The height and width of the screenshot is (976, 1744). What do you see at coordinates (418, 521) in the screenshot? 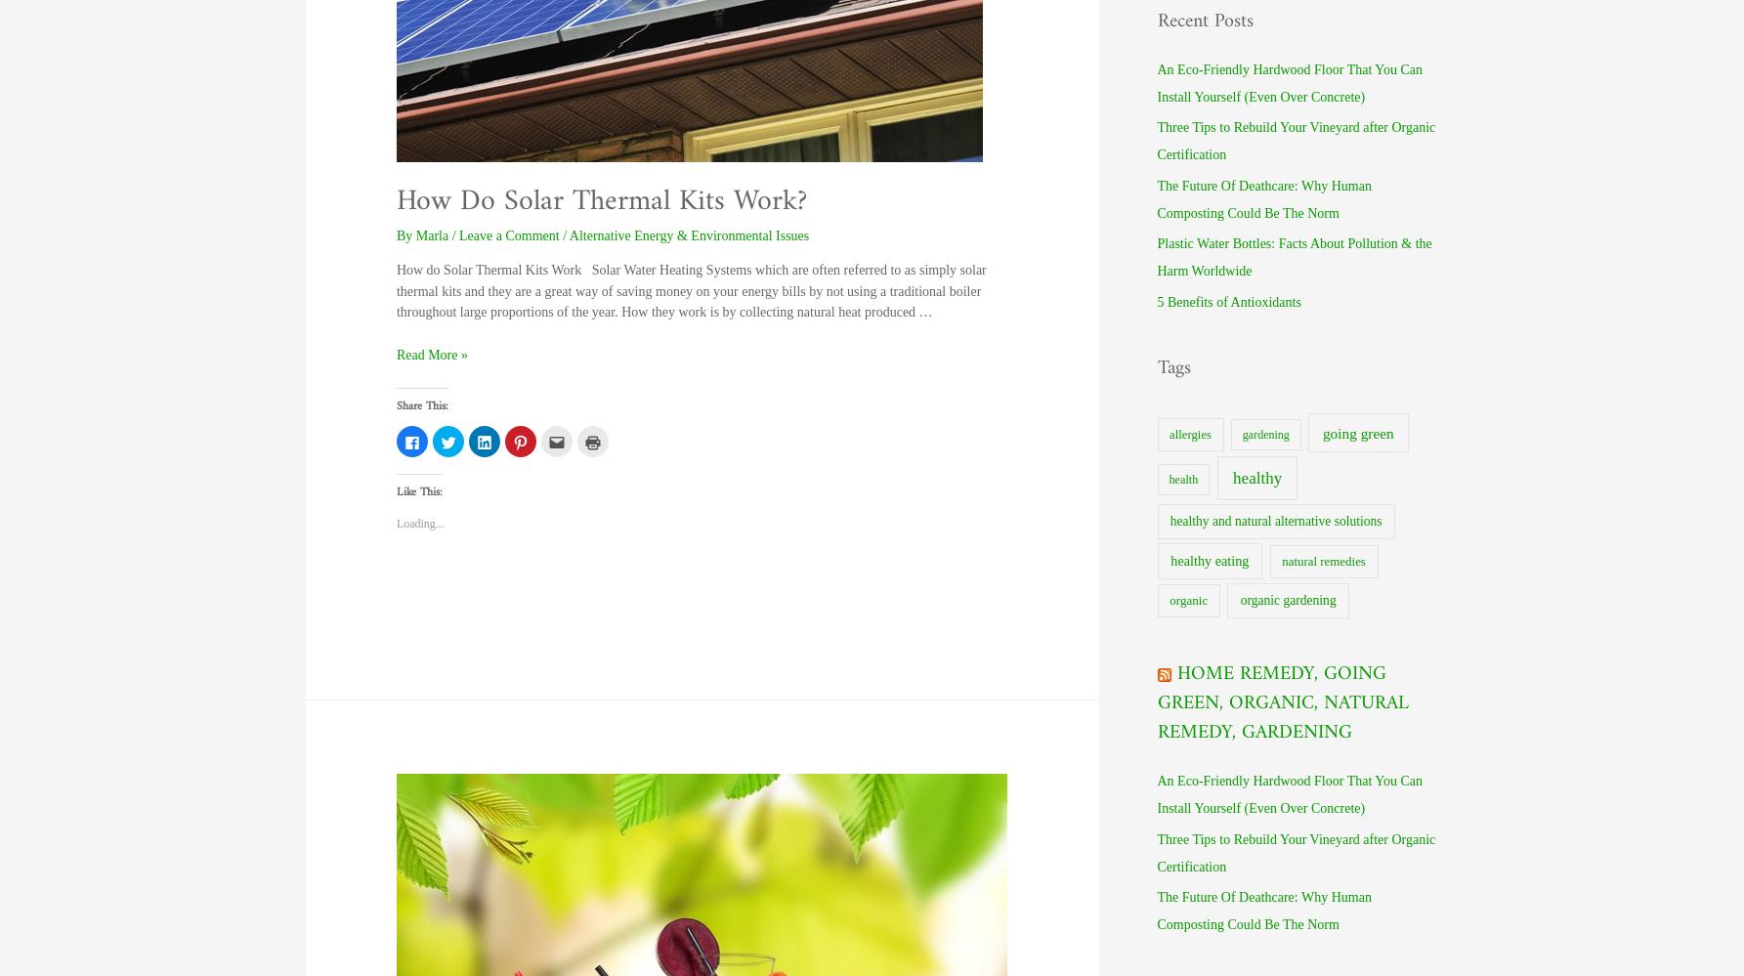
I see `'Loading...'` at bounding box center [418, 521].